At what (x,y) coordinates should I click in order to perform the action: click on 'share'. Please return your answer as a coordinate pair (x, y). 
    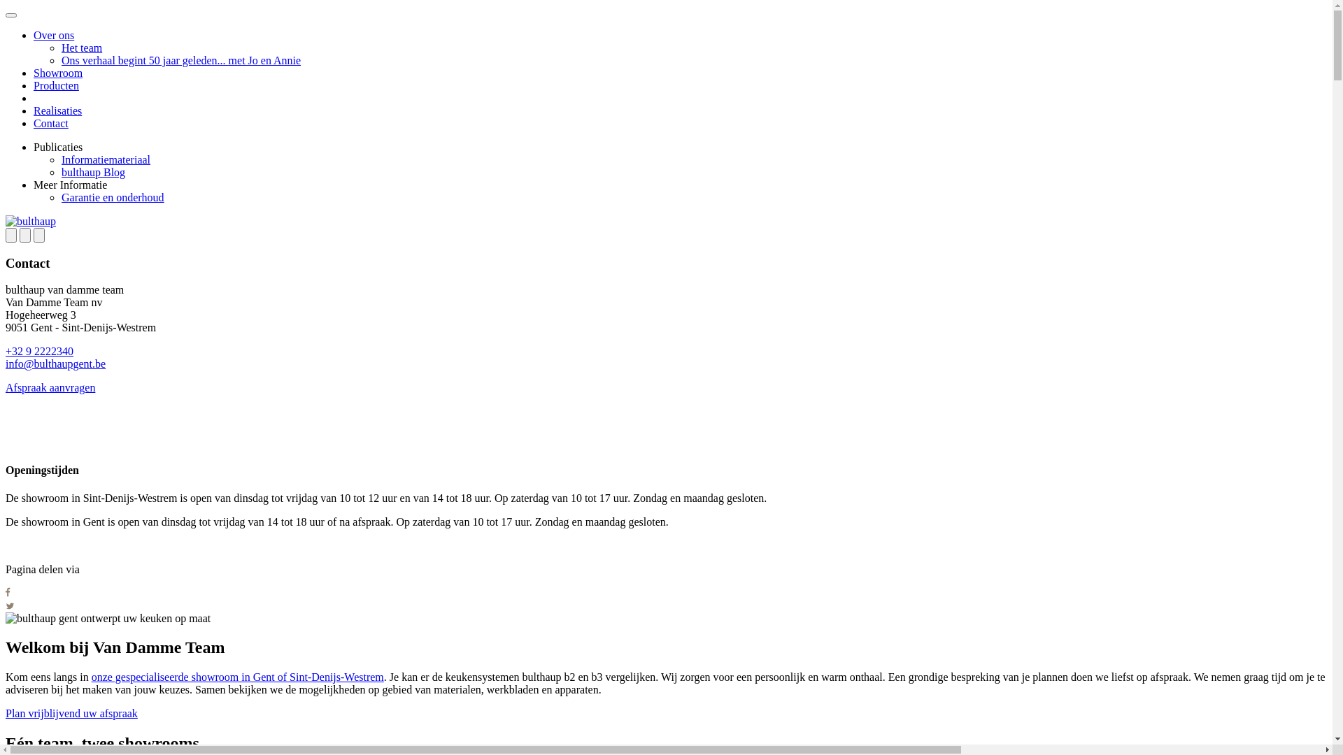
    Looking at the image, I should click on (20, 234).